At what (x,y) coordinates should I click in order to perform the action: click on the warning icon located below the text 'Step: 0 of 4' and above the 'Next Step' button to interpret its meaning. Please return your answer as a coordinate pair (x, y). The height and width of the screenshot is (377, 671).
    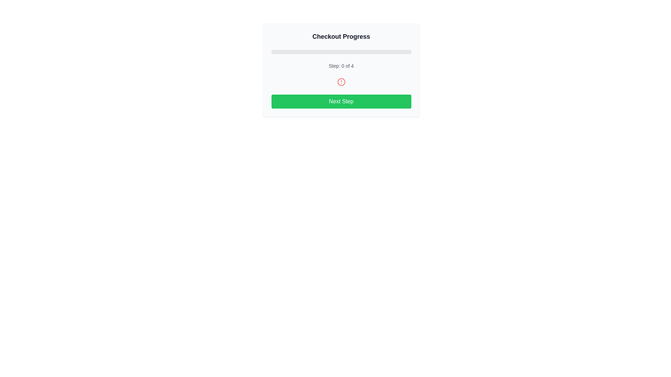
    Looking at the image, I should click on (341, 82).